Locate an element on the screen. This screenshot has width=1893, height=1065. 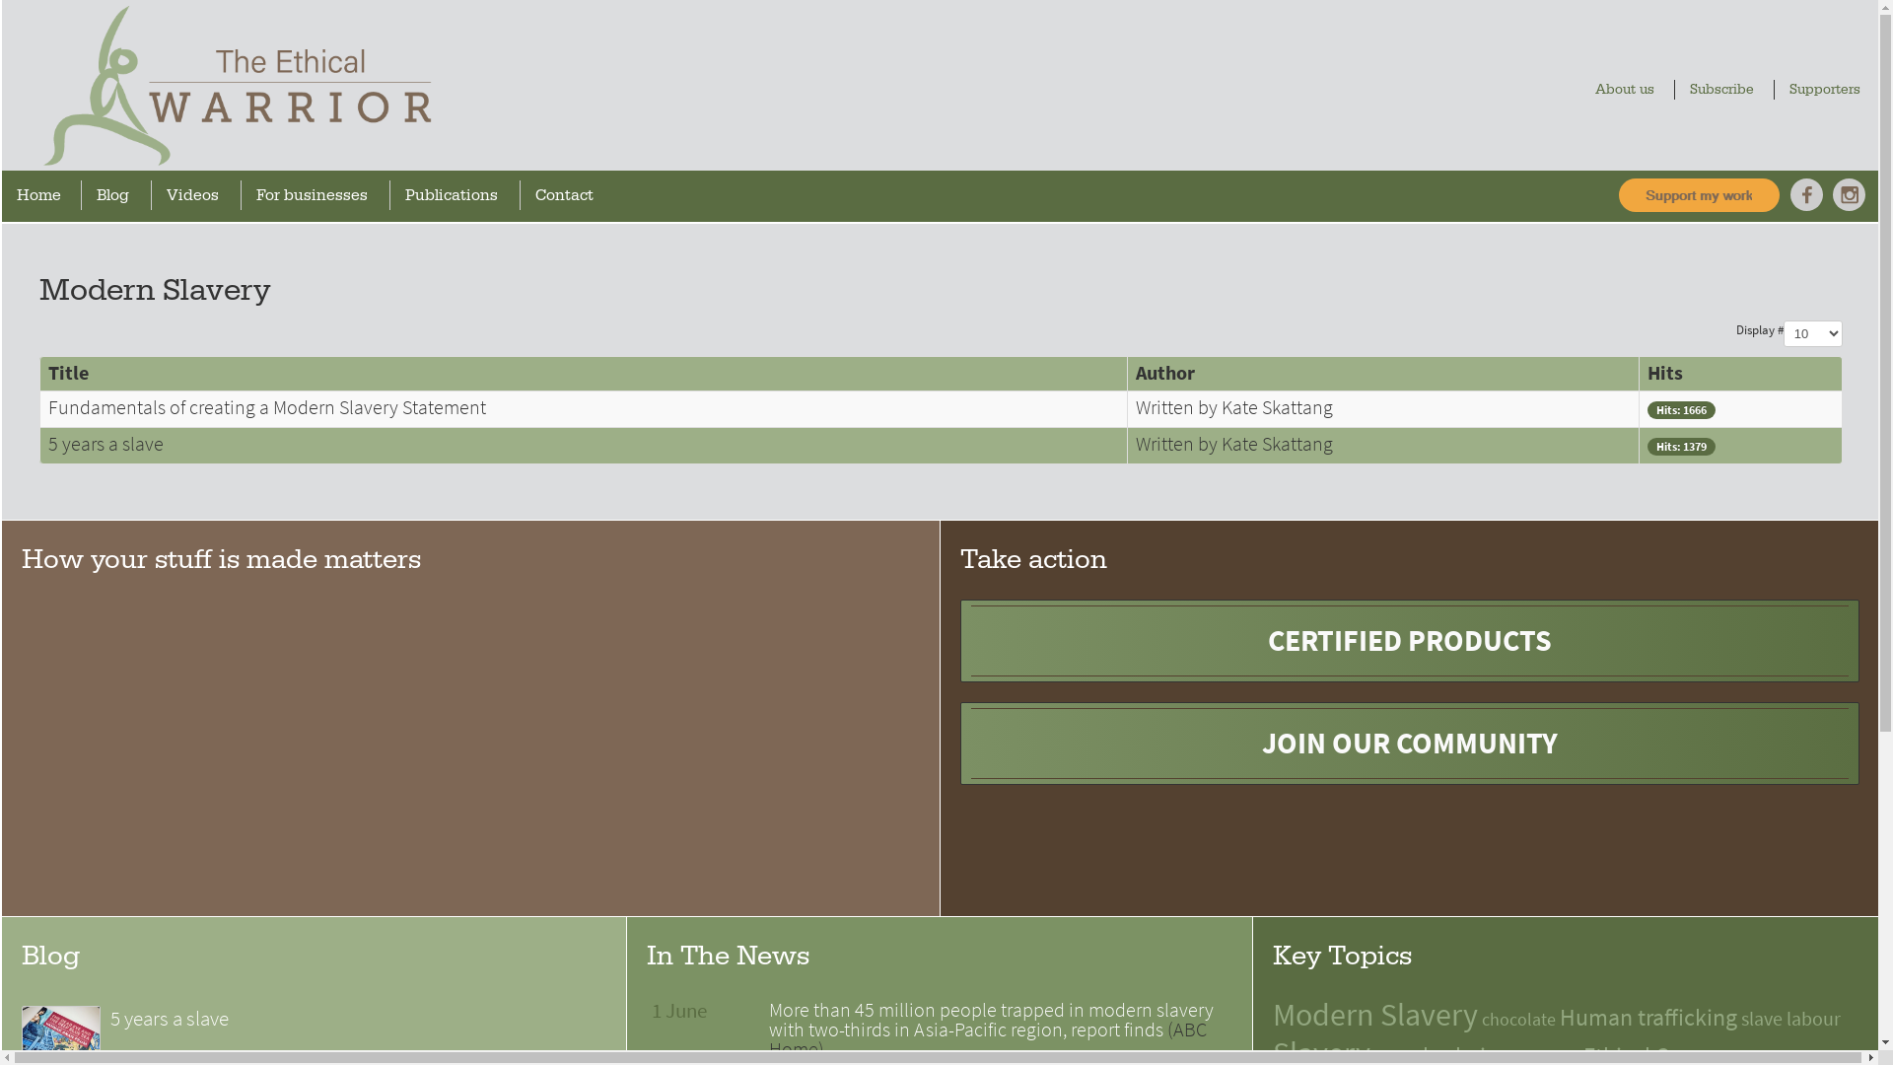
'(ABC Home)' is located at coordinates (988, 1038).